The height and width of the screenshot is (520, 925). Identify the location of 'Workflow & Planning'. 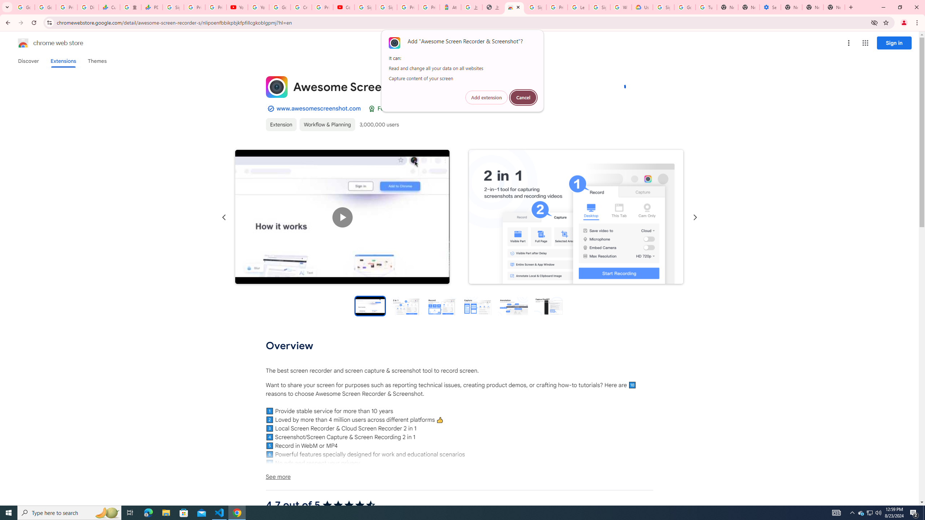
(327, 124).